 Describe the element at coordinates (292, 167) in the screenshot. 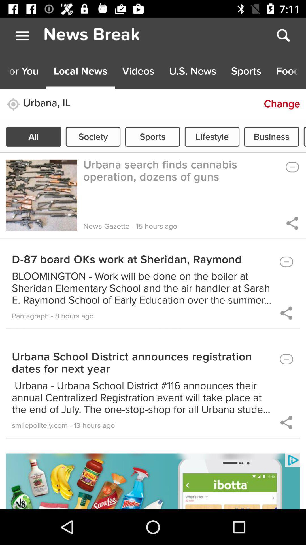

I see `the minus button which is below the business` at that location.